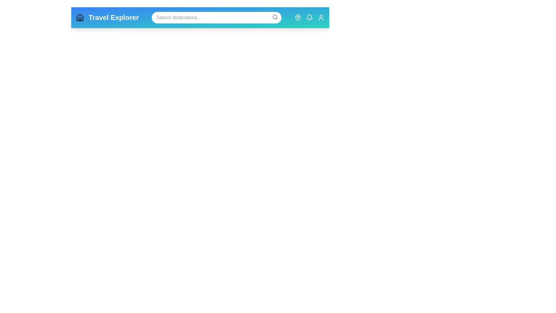 The image size is (556, 313). What do you see at coordinates (275, 17) in the screenshot?
I see `the search icon to activate the search functionality` at bounding box center [275, 17].